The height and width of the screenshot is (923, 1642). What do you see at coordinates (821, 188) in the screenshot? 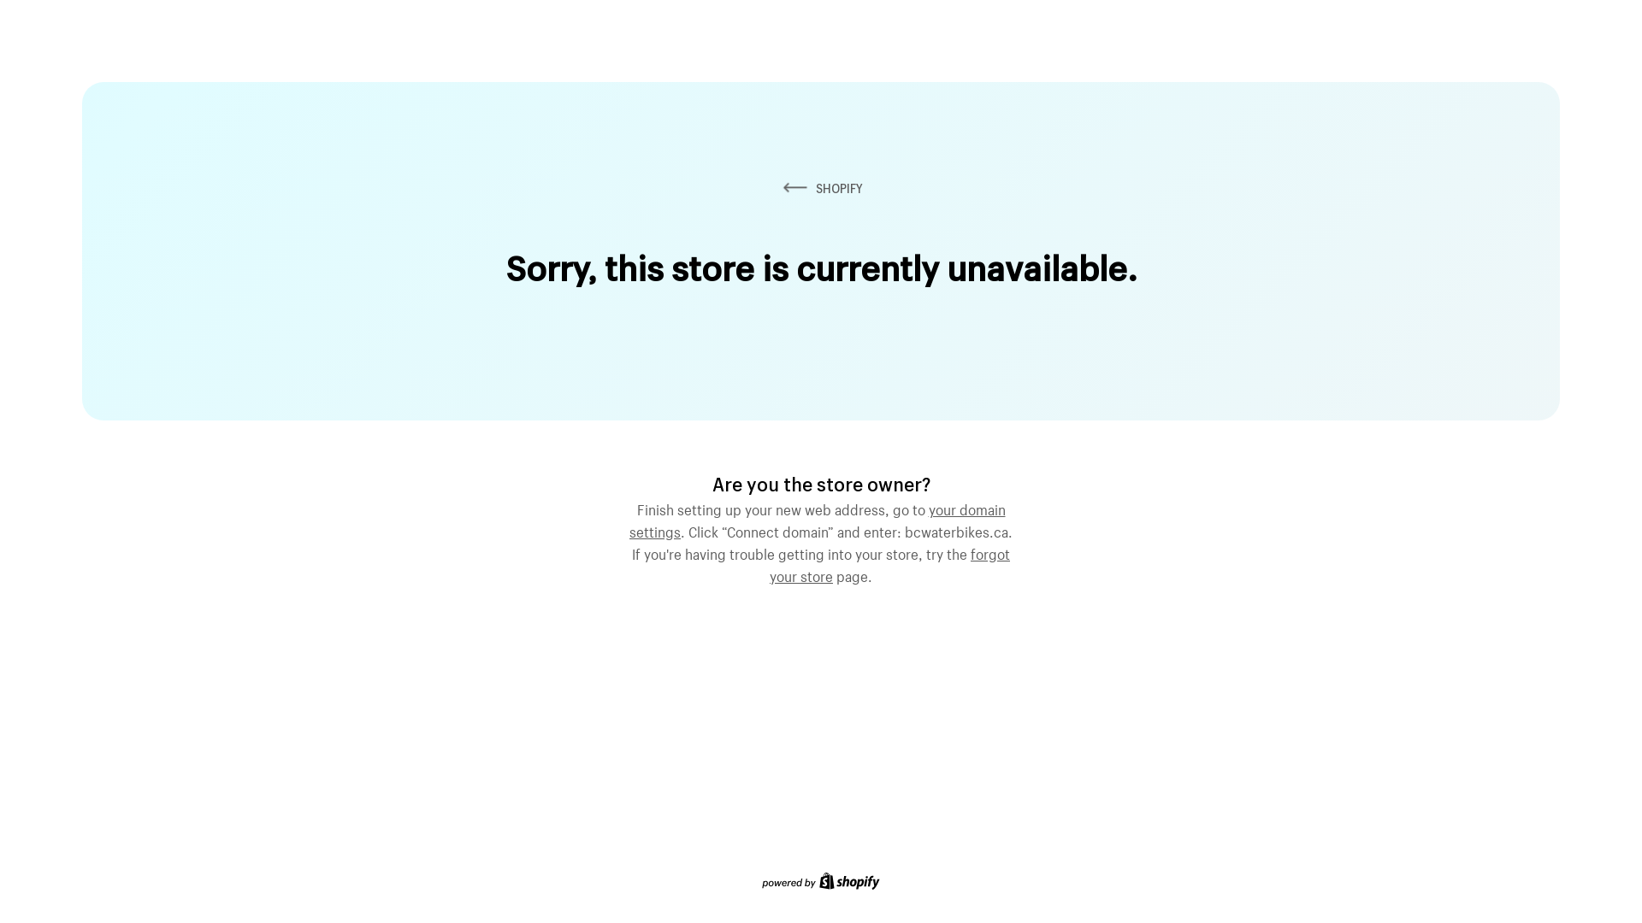
I see `'SHOPIFY'` at bounding box center [821, 188].